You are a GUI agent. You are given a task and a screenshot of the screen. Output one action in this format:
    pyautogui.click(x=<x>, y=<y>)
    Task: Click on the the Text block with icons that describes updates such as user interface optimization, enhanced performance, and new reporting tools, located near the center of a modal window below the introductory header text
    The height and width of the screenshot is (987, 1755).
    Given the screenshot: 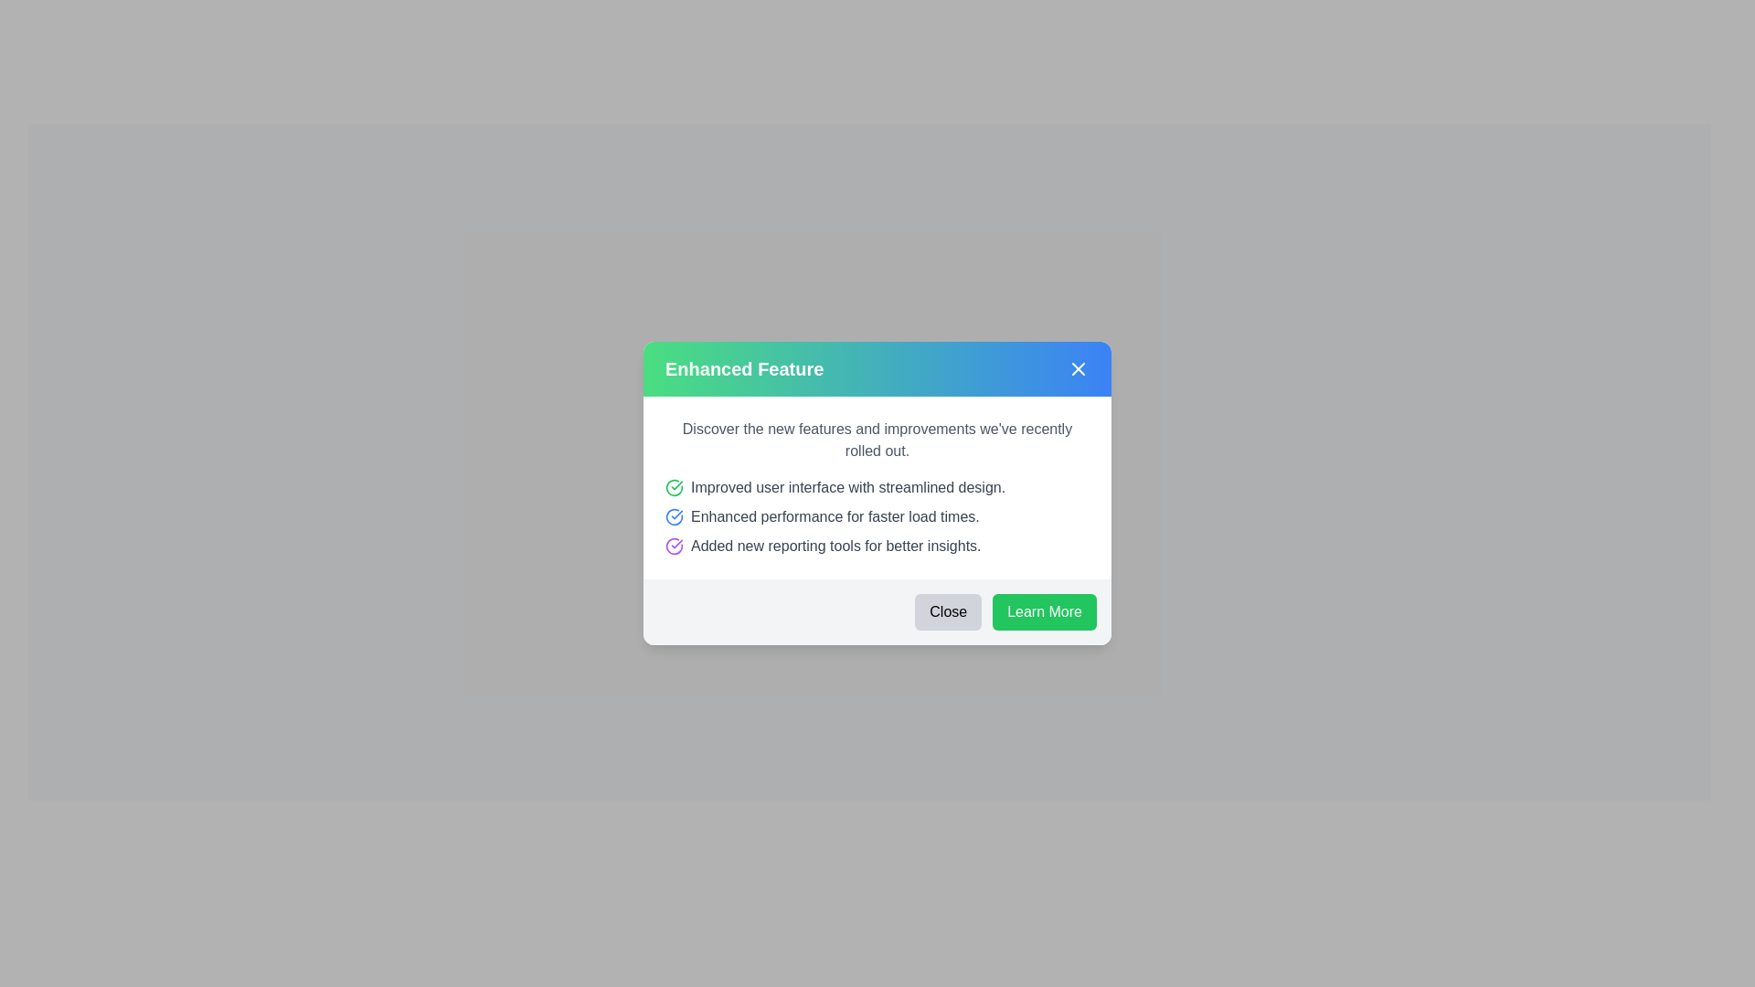 What is the action you would take?
    pyautogui.click(x=877, y=517)
    